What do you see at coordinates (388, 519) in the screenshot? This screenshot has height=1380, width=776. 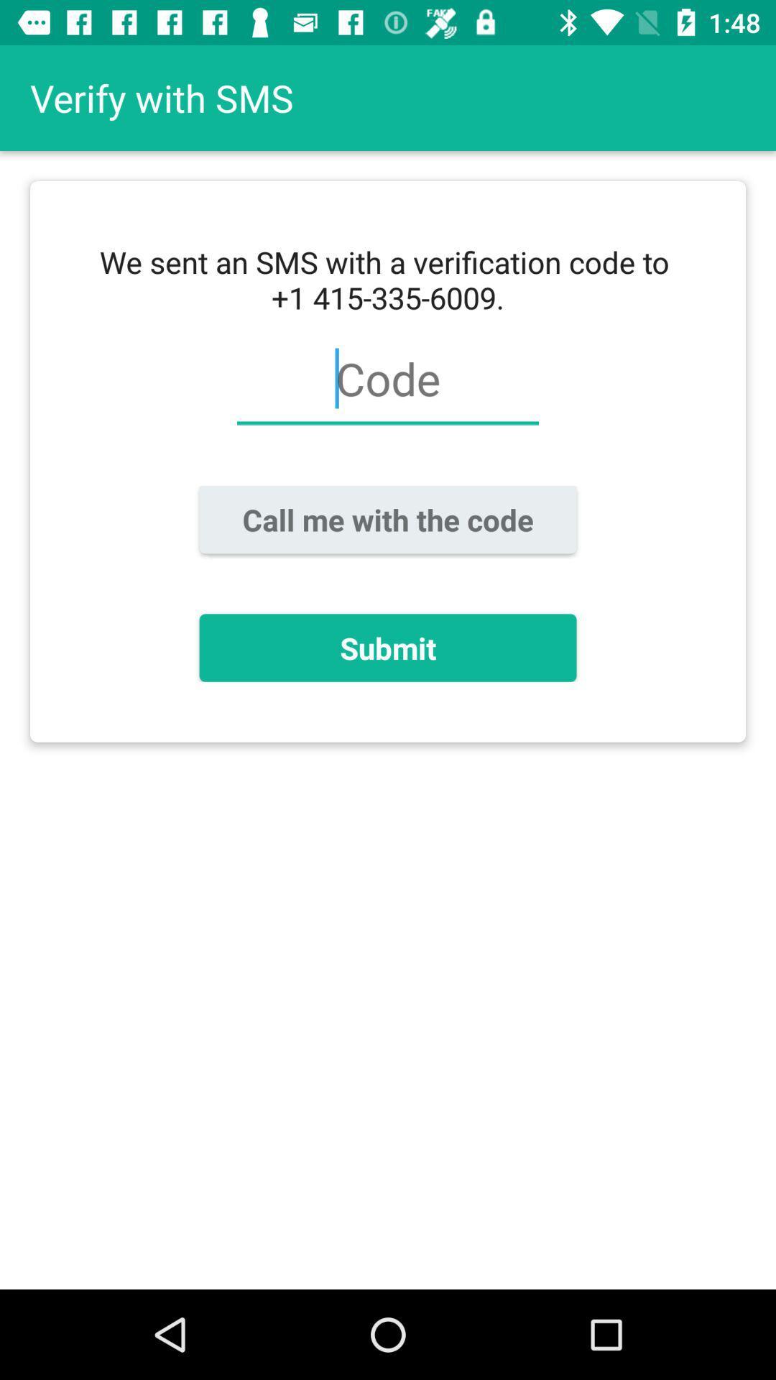 I see `call me with item` at bounding box center [388, 519].